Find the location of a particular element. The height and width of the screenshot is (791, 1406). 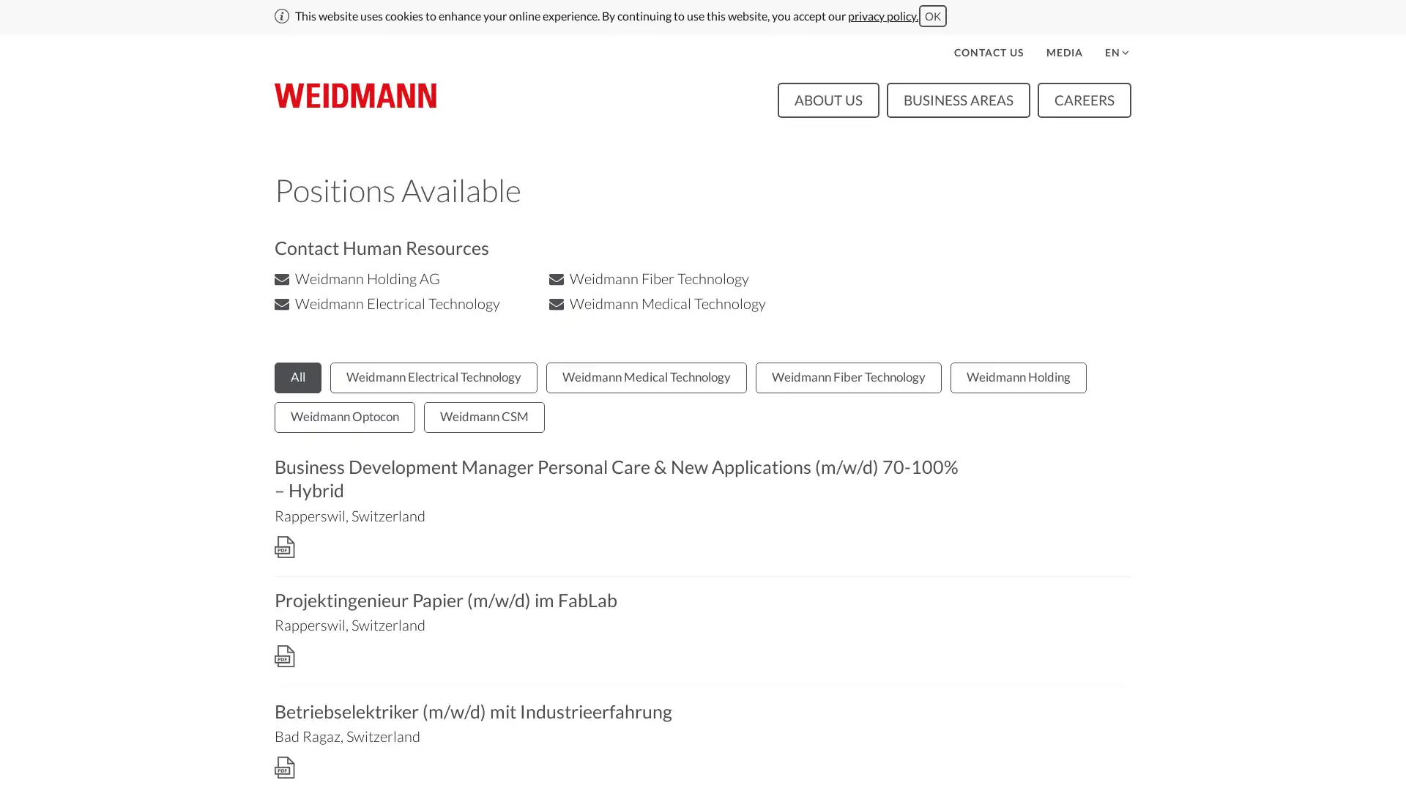

Weidmann Medical Technology is located at coordinates (646, 343).